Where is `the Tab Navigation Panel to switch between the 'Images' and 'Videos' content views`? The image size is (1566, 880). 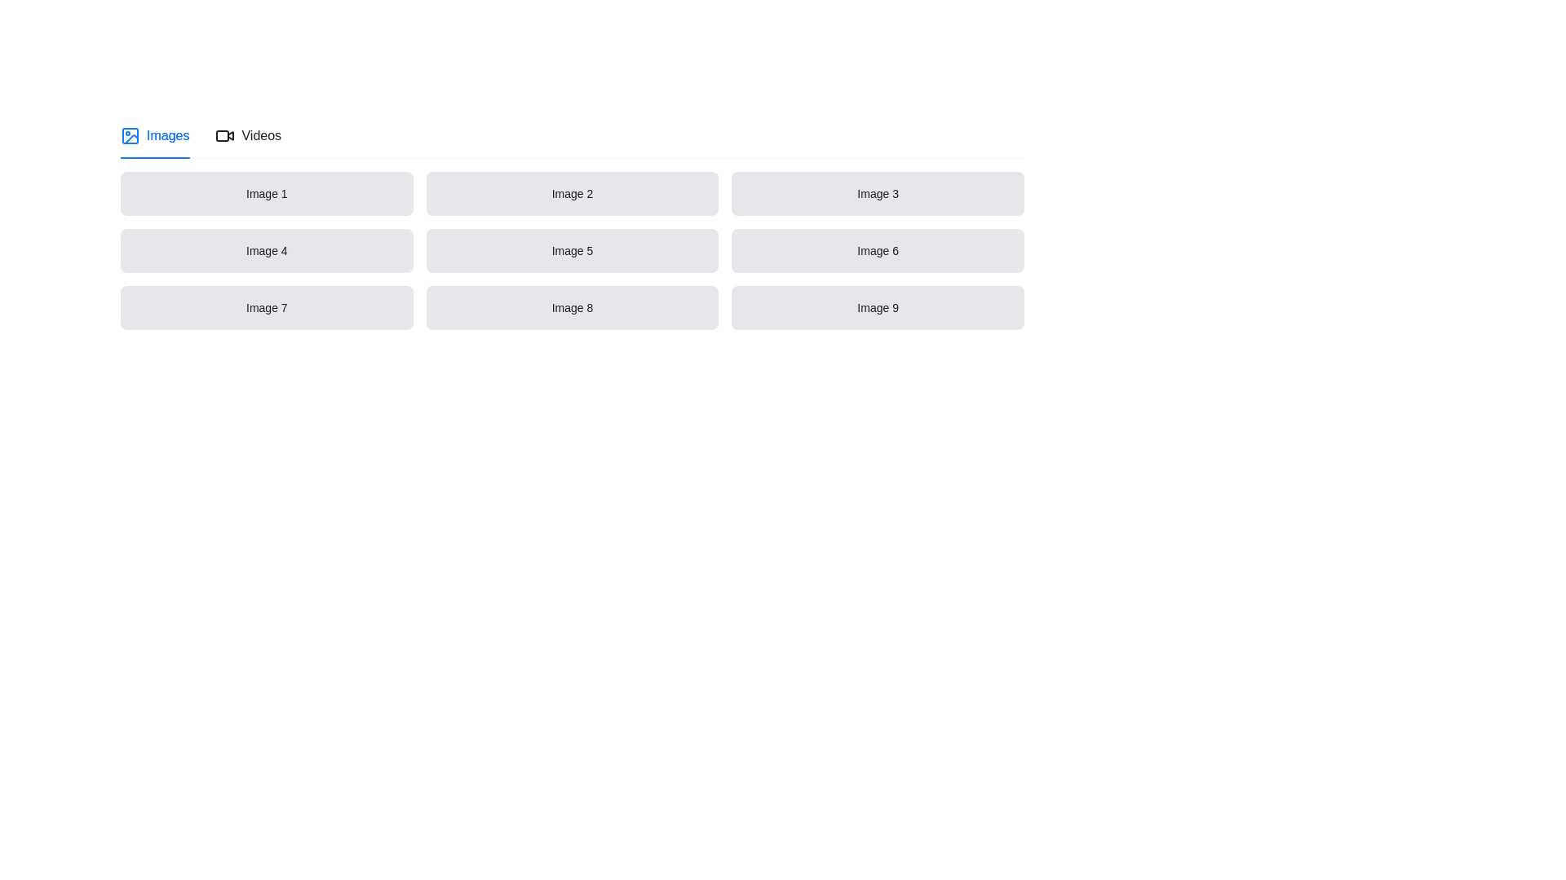 the Tab Navigation Panel to switch between the 'Images' and 'Videos' content views is located at coordinates (572, 134).